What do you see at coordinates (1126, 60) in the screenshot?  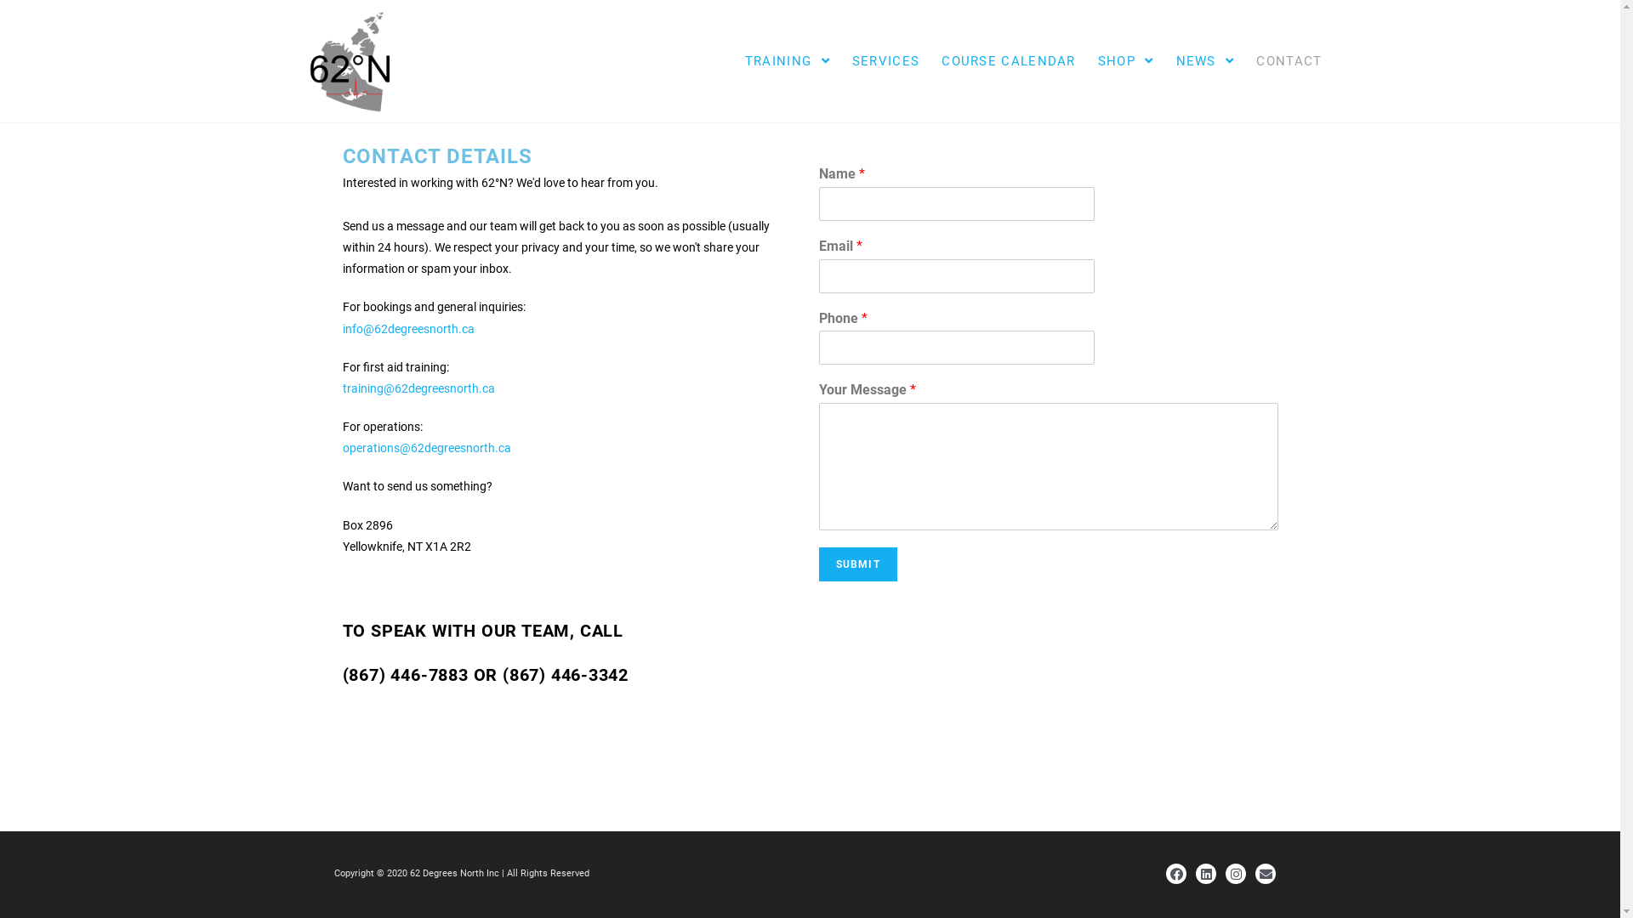 I see `'SHOP'` at bounding box center [1126, 60].